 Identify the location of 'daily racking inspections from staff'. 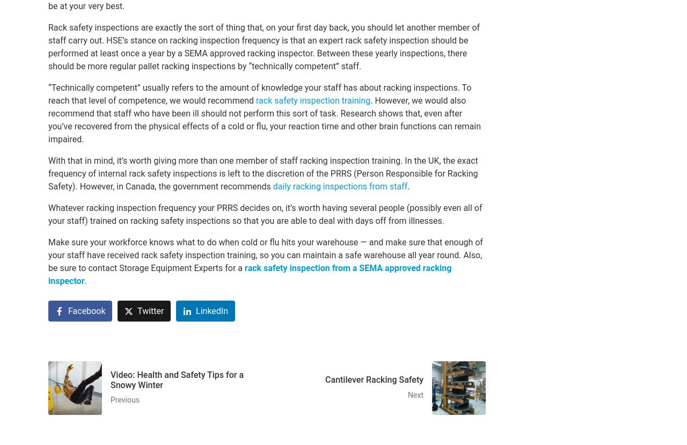
(339, 186).